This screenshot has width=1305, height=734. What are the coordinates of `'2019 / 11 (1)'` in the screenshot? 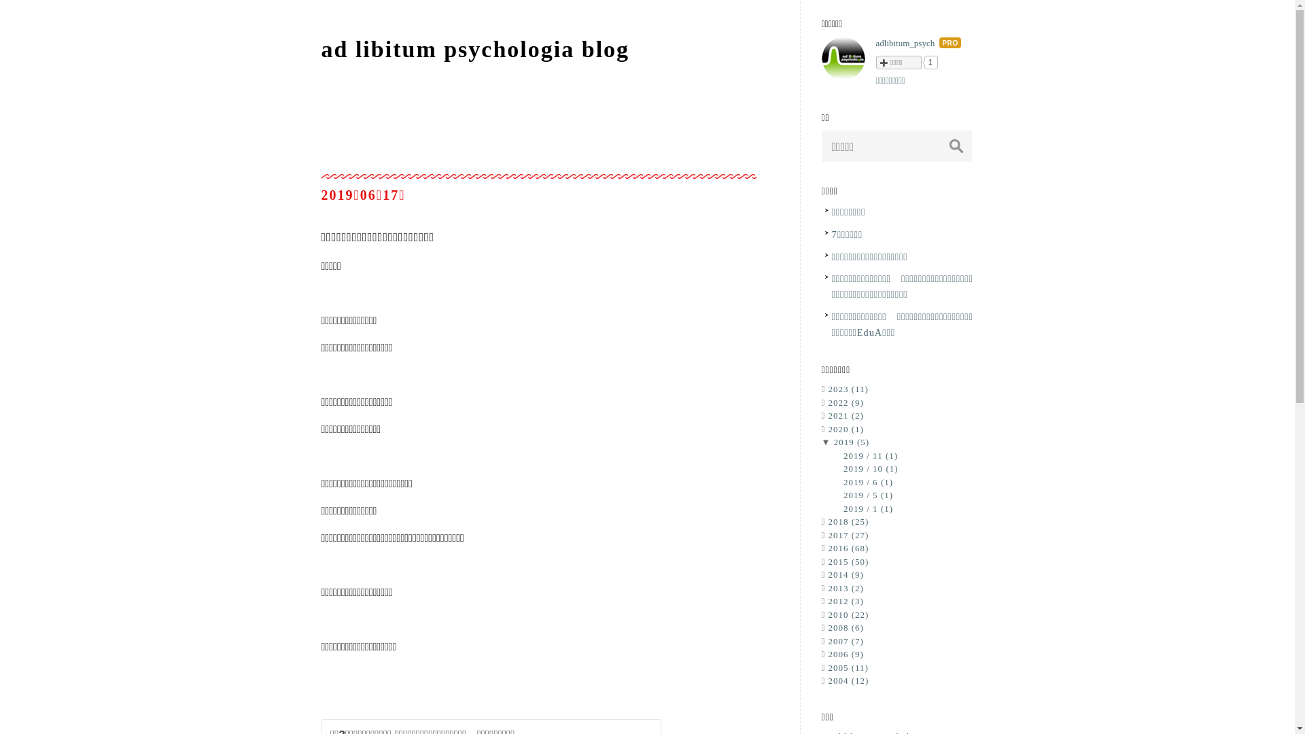 It's located at (871, 455).